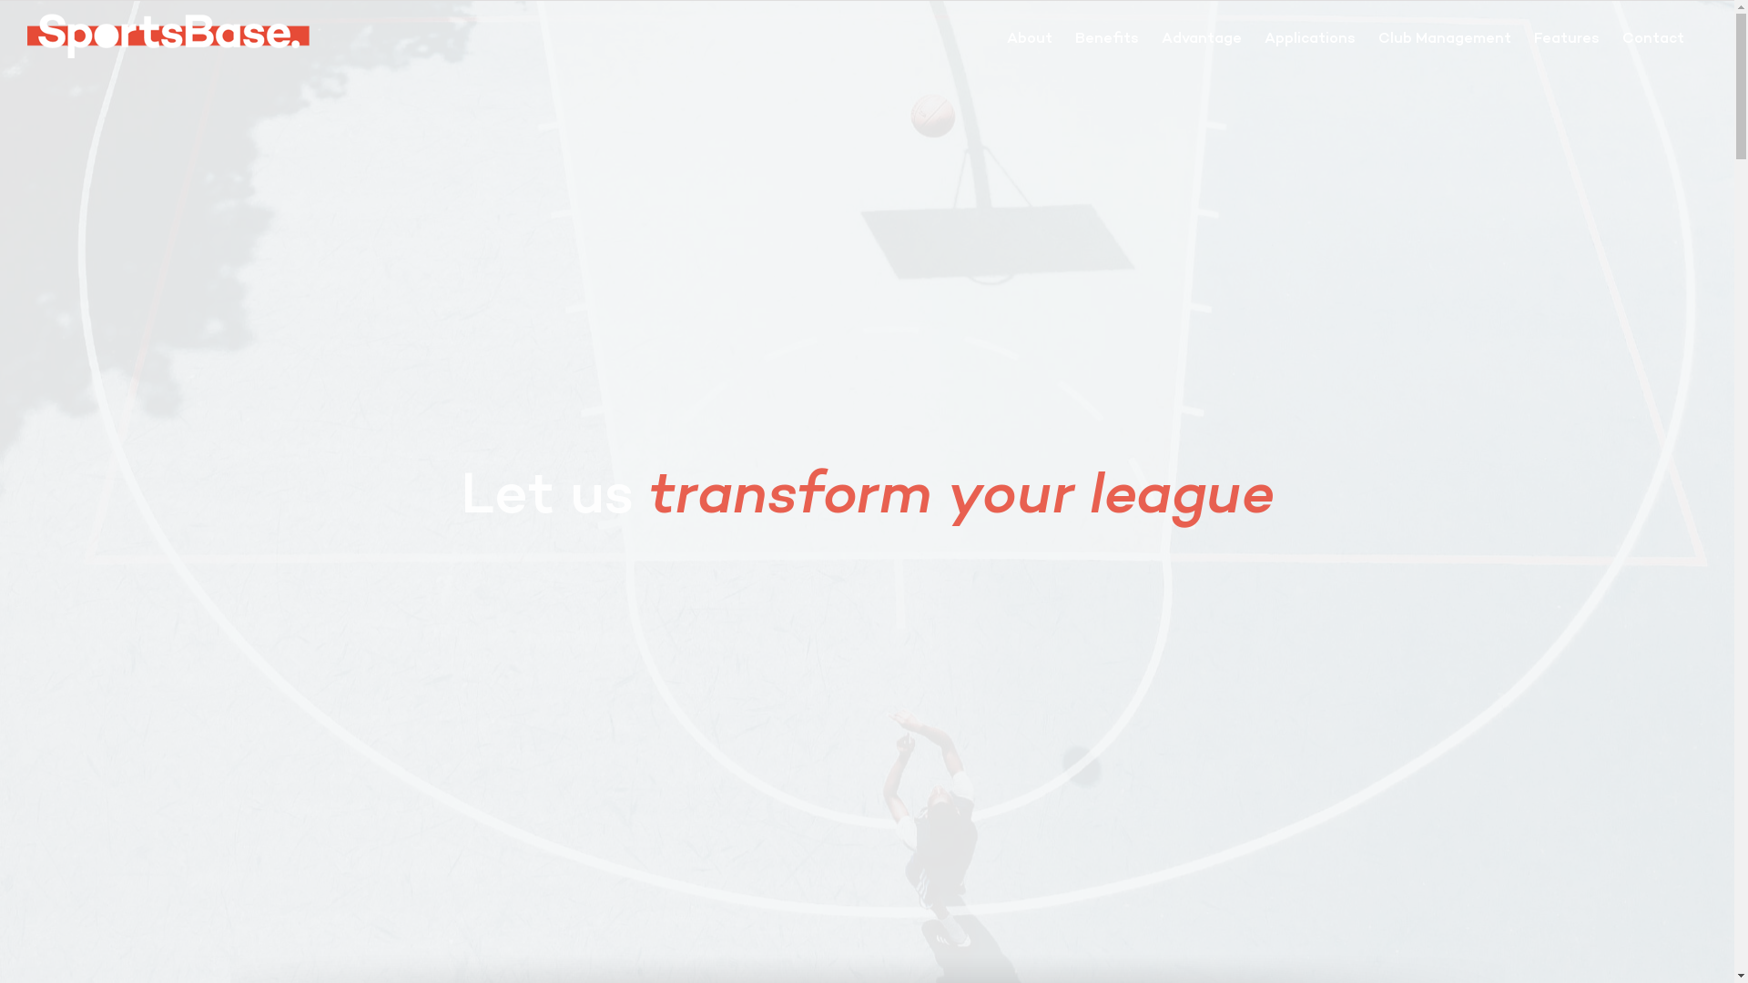 The image size is (1748, 983). Describe the element at coordinates (1444, 38) in the screenshot. I see `'Club Management'` at that location.